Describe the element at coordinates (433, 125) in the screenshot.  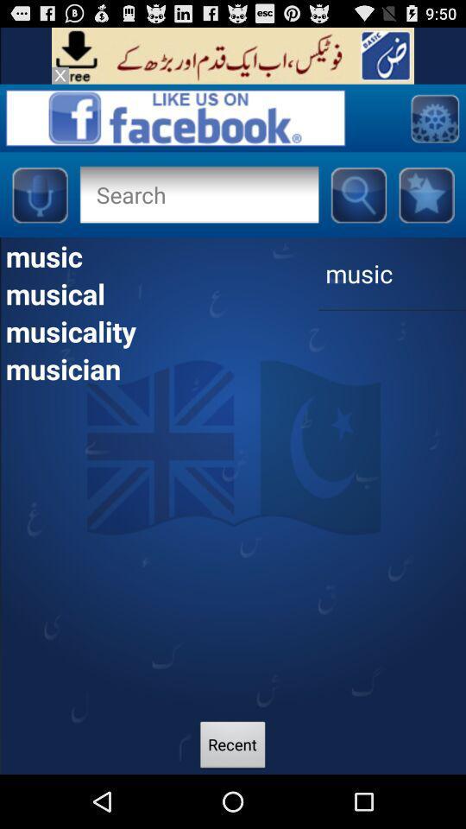
I see `the settings icon` at that location.